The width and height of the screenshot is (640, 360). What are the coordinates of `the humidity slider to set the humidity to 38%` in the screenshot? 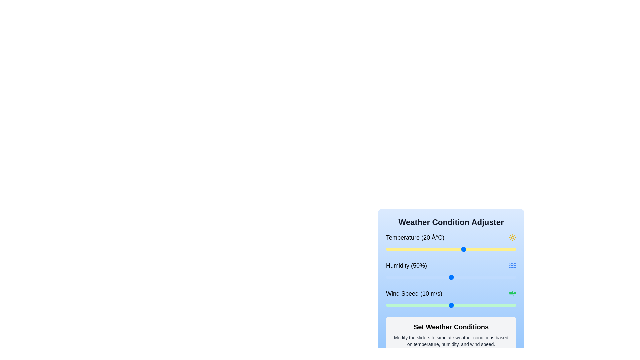 It's located at (435, 277).